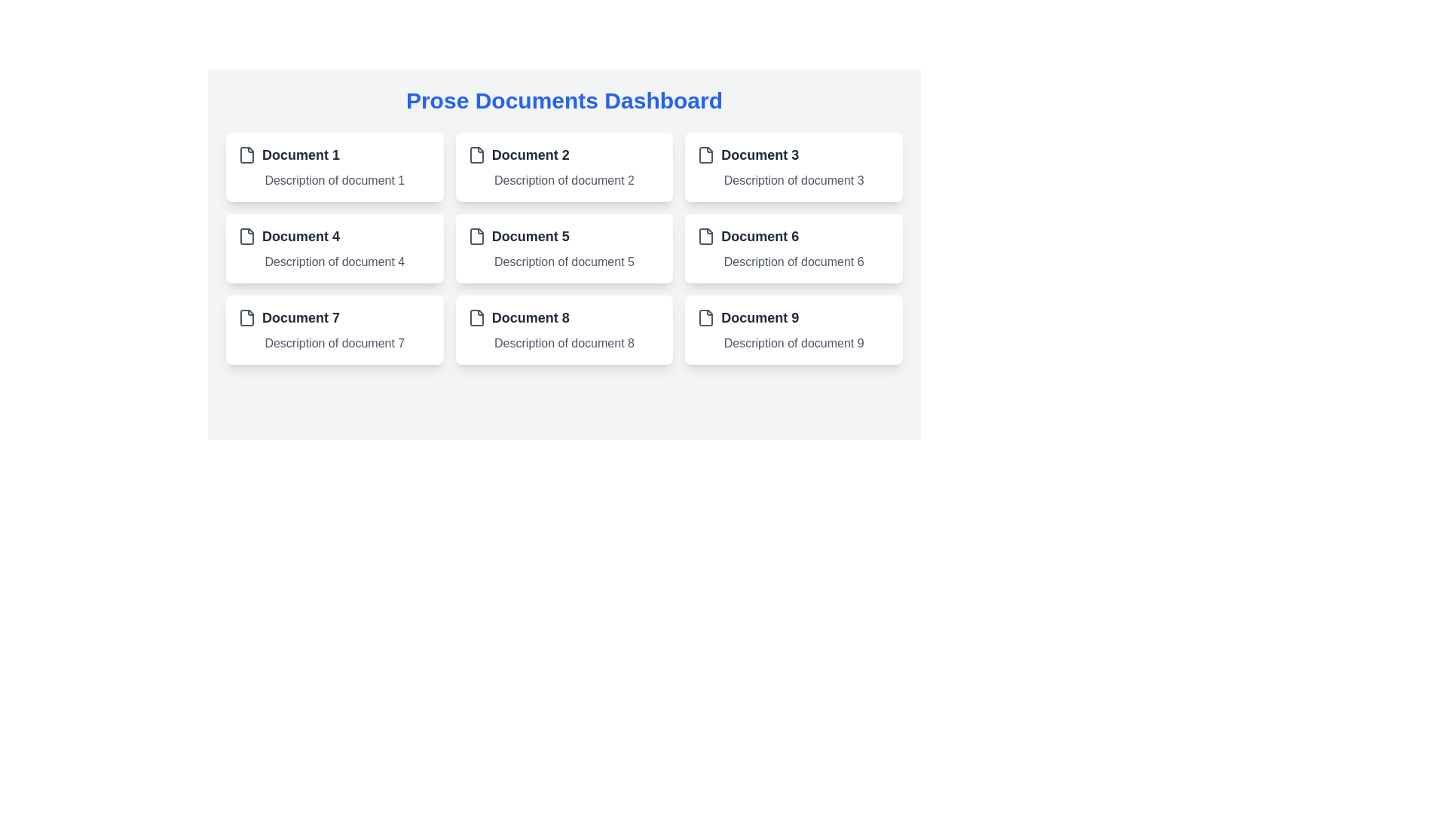  Describe the element at coordinates (760, 317) in the screenshot. I see `the title text label located in the bottom-right corner of the last card in a 3x3 grid layout, which serves as an identifier for the associated document representation` at that location.